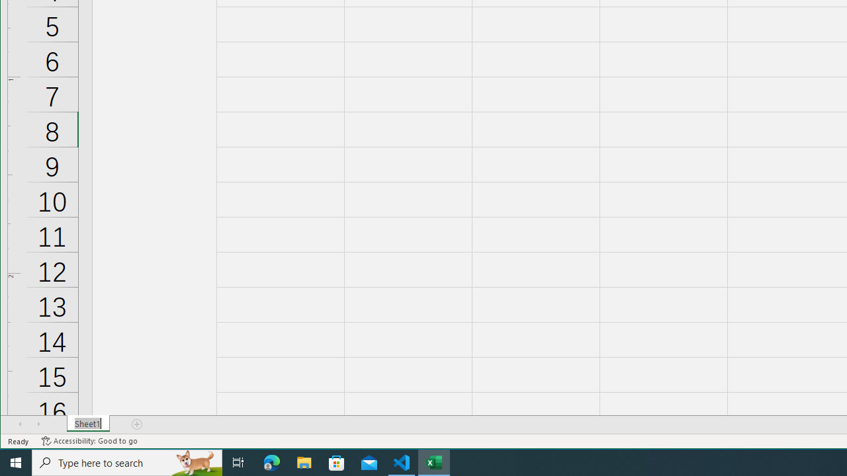  What do you see at coordinates (337, 461) in the screenshot?
I see `'Microsoft Store'` at bounding box center [337, 461].